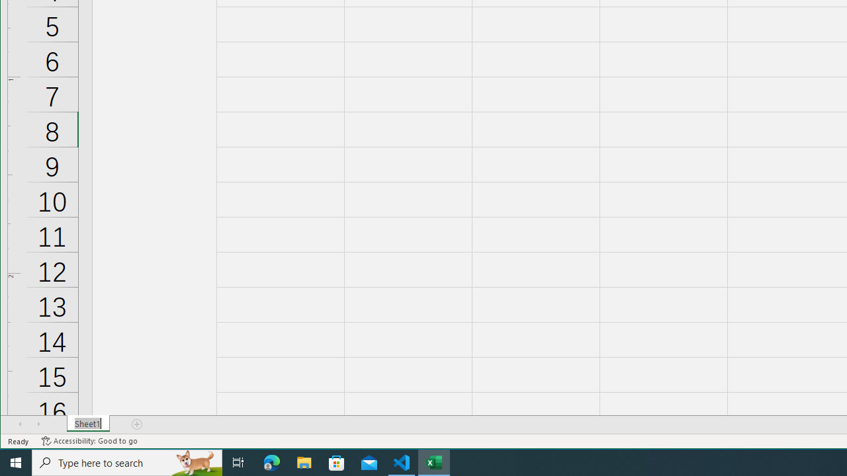  What do you see at coordinates (337, 461) in the screenshot?
I see `'Microsoft Store'` at bounding box center [337, 461].